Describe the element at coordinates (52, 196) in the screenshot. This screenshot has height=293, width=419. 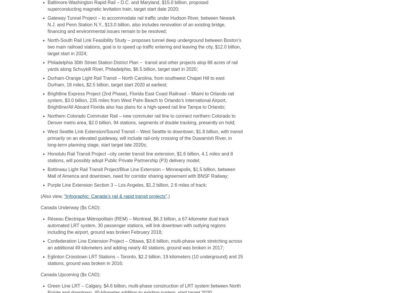
I see `'(Also view,'` at that location.